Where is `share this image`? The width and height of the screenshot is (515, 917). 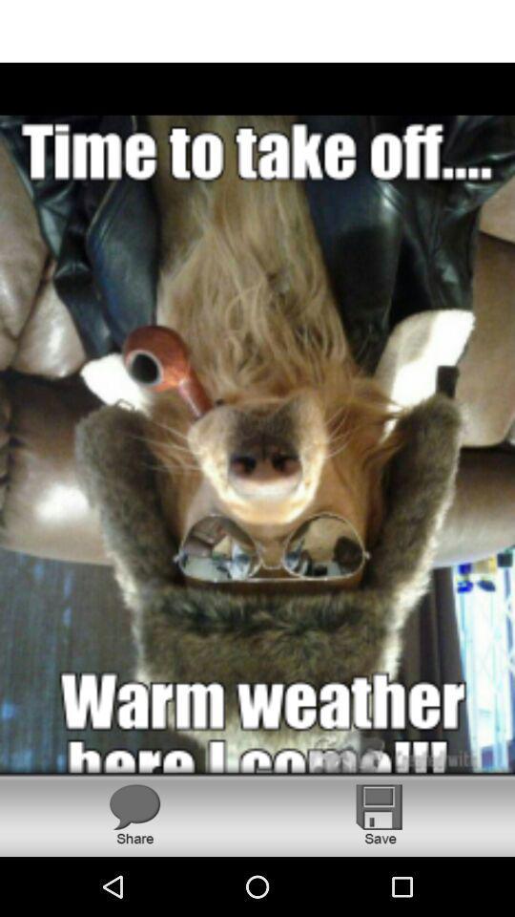
share this image is located at coordinates (134, 813).